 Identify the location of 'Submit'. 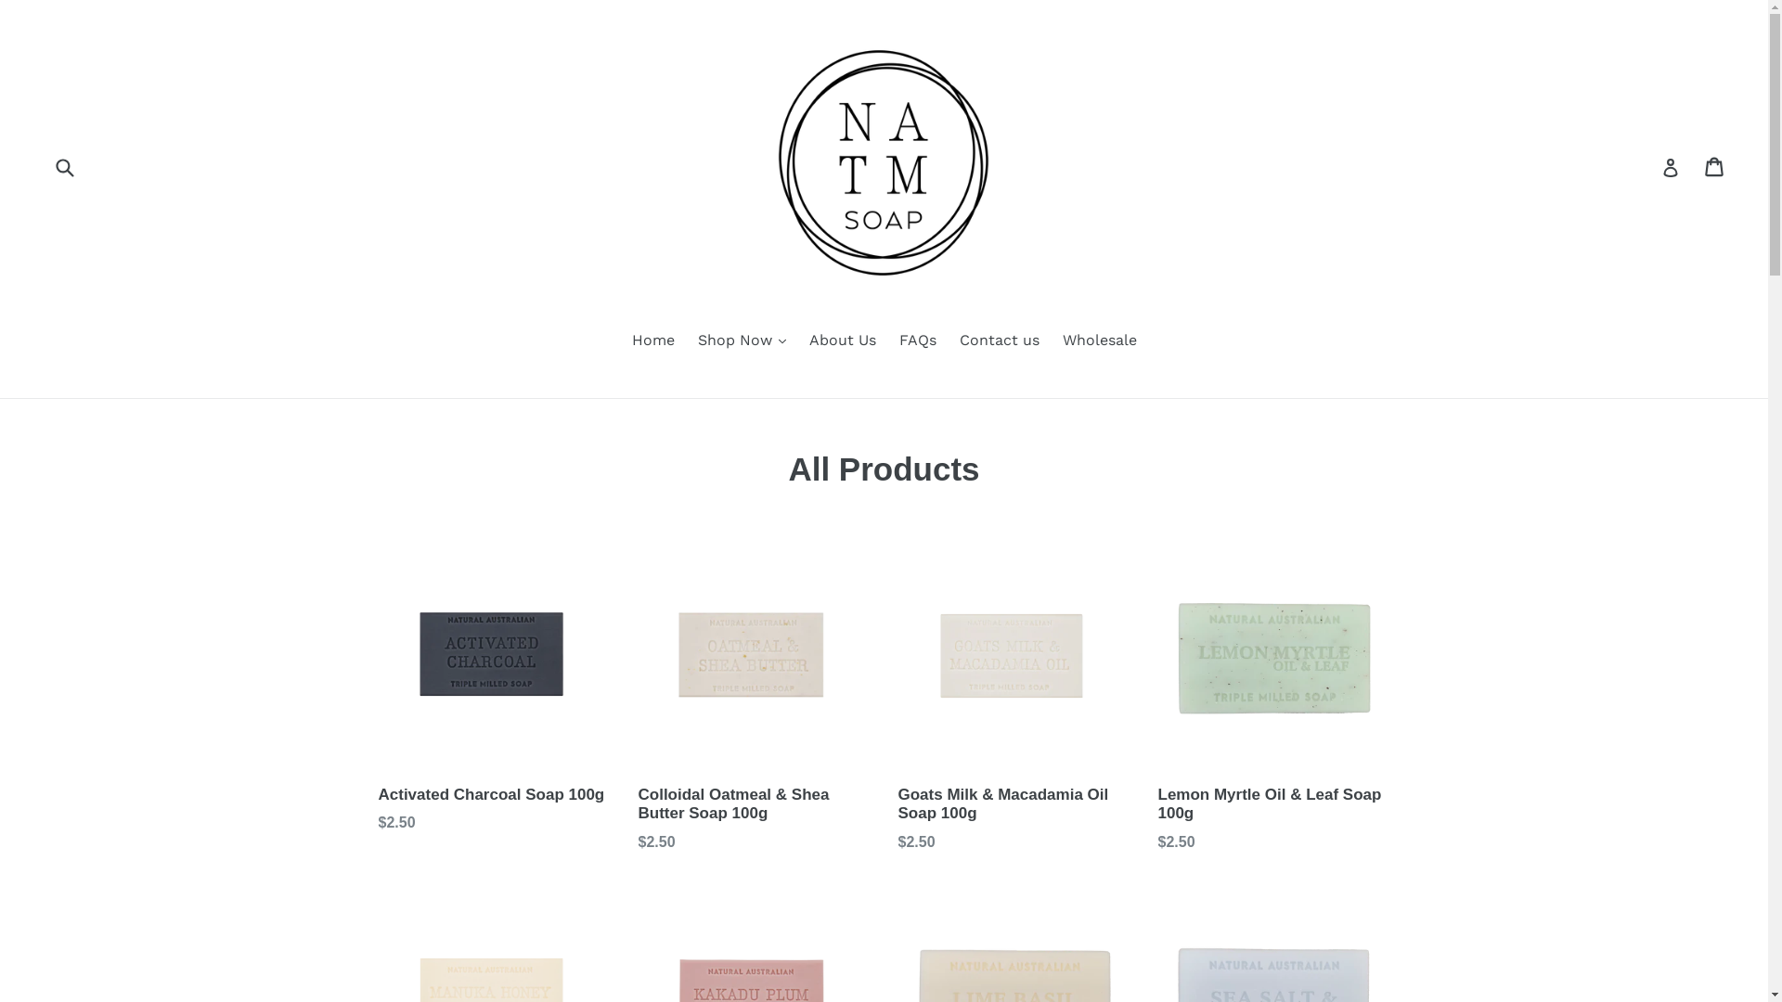
(50, 165).